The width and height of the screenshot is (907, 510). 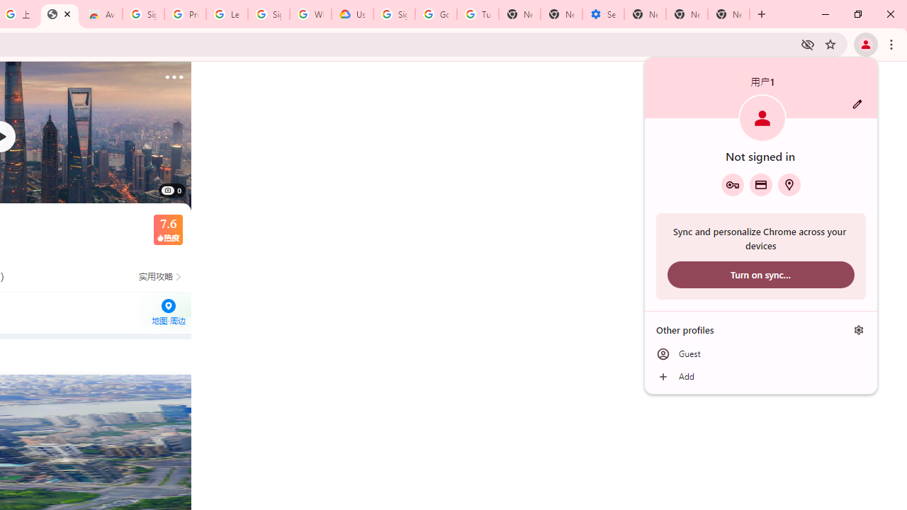 I want to click on 'New Tab', so click(x=728, y=14).